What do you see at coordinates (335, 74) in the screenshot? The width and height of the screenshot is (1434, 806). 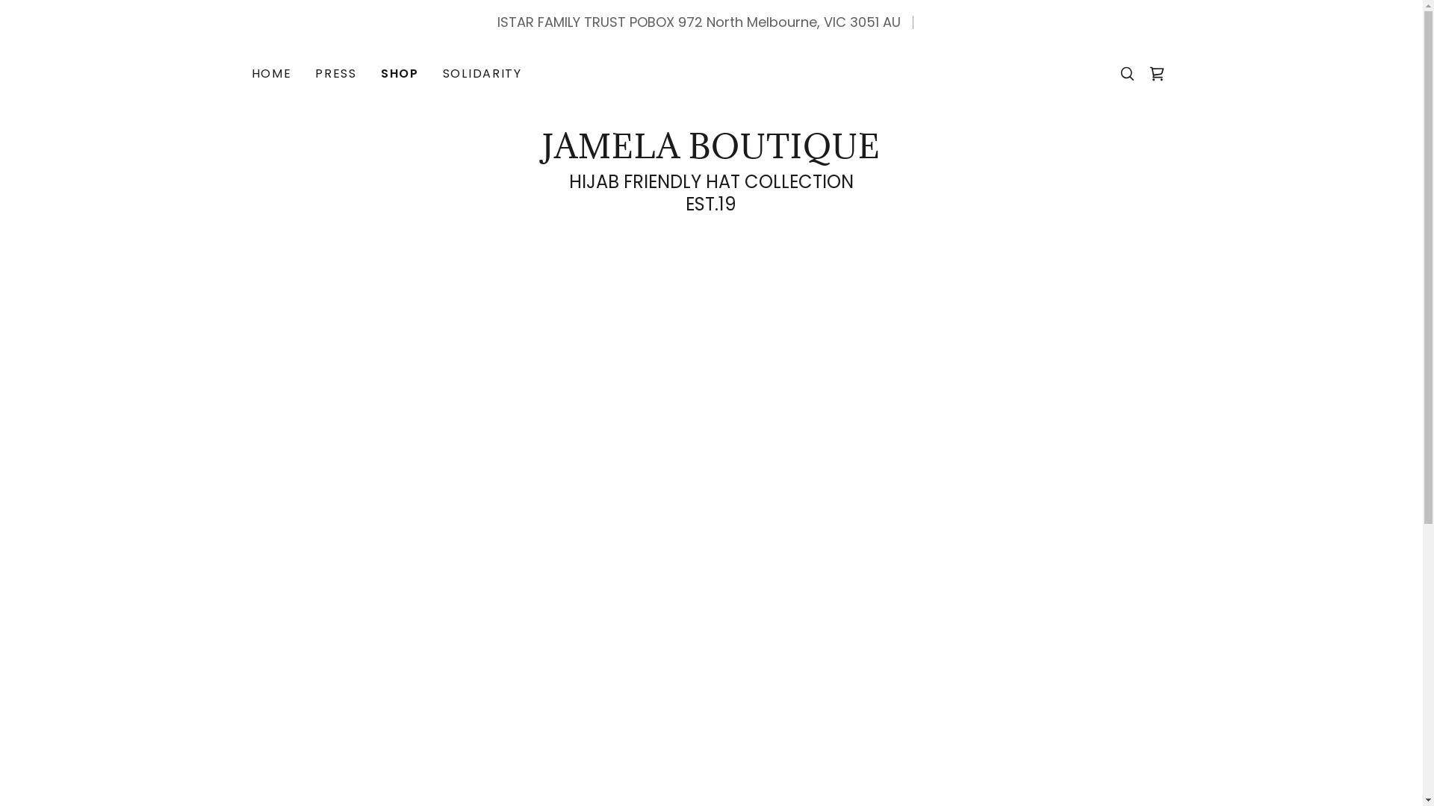 I see `'PRESS'` at bounding box center [335, 74].